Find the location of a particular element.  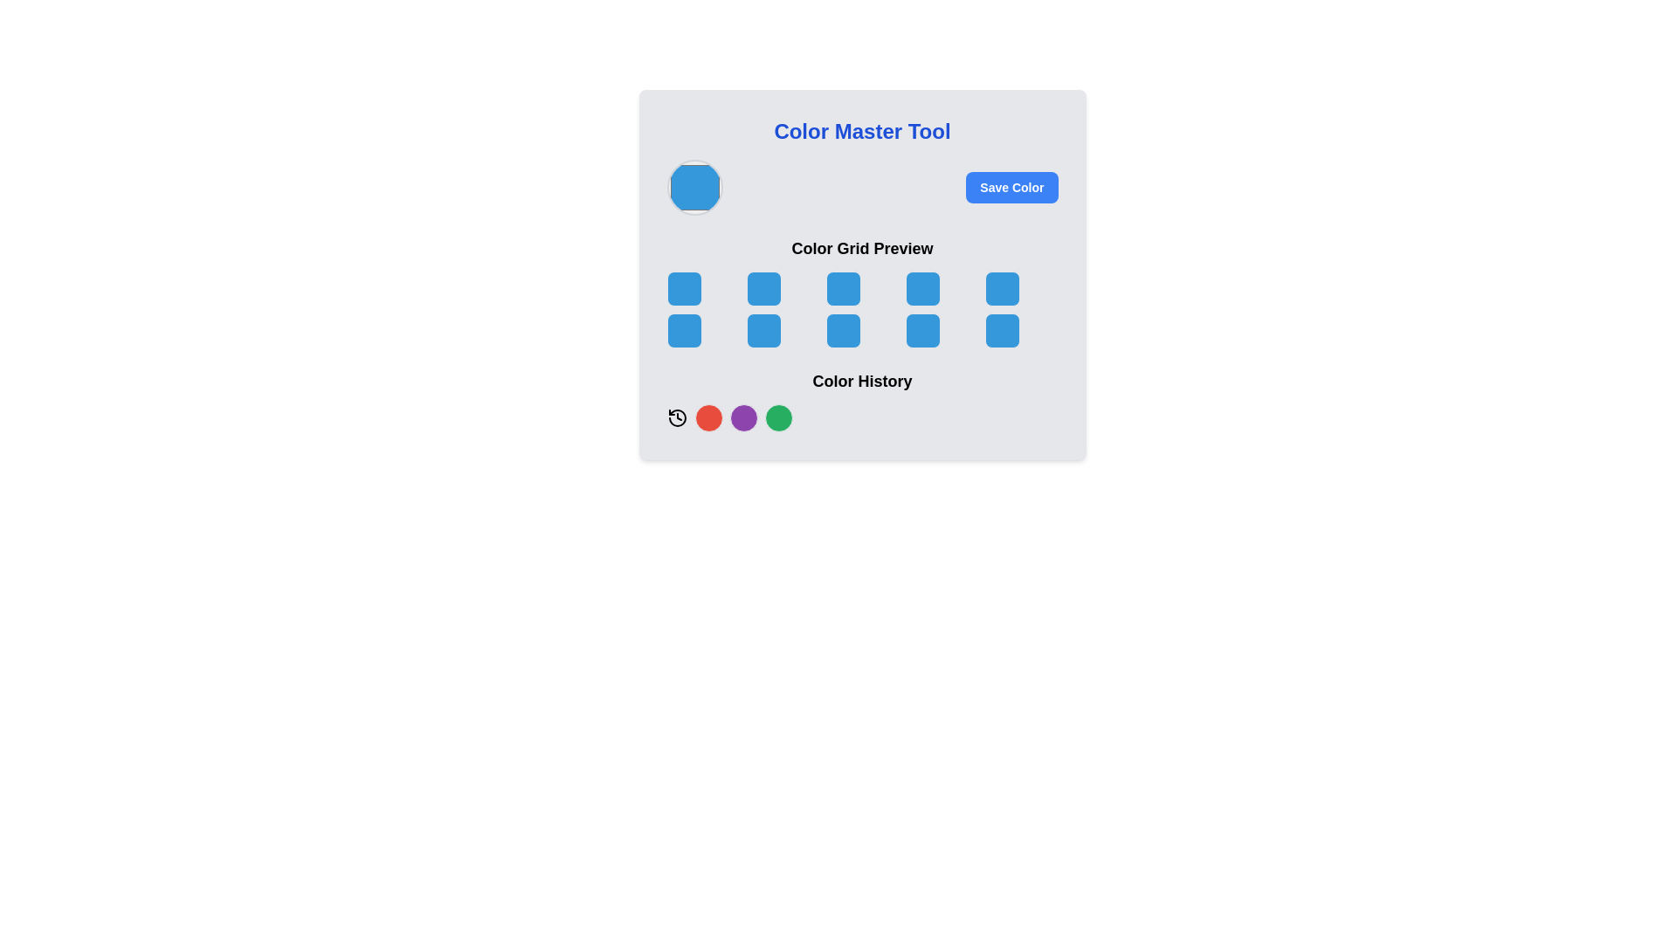

the last circular color indicator in the 'Color History' section to interact with the green color option is located at coordinates (777, 417).